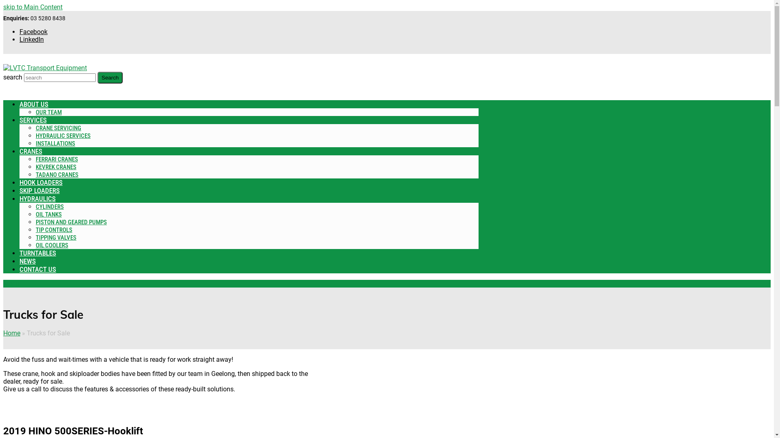 Image resolution: width=780 pixels, height=438 pixels. I want to click on 'Home', so click(3, 333).